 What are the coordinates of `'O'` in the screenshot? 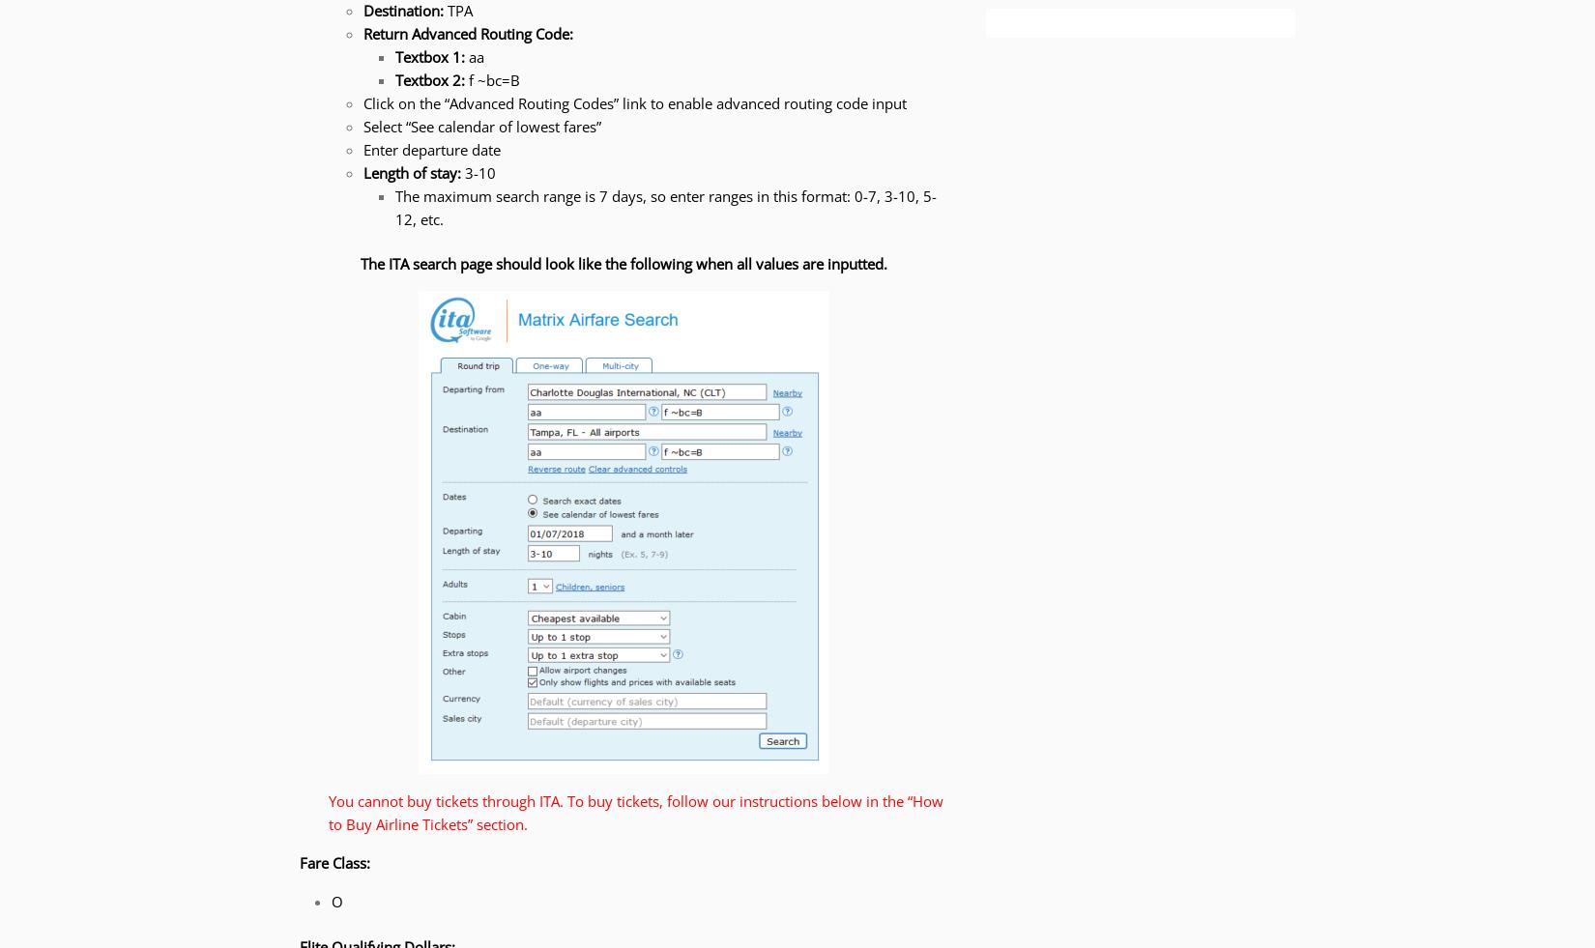 It's located at (336, 902).